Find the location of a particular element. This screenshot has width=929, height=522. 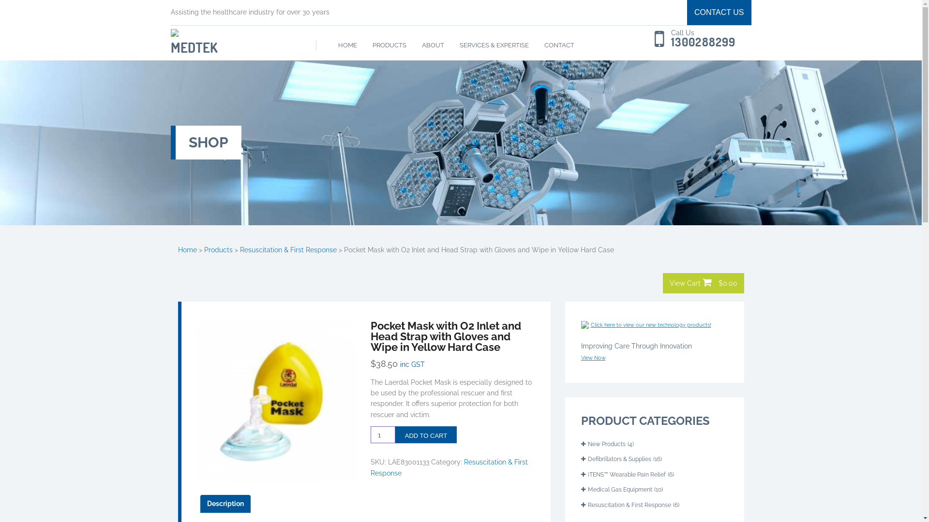

'ABOUT' is located at coordinates (432, 45).